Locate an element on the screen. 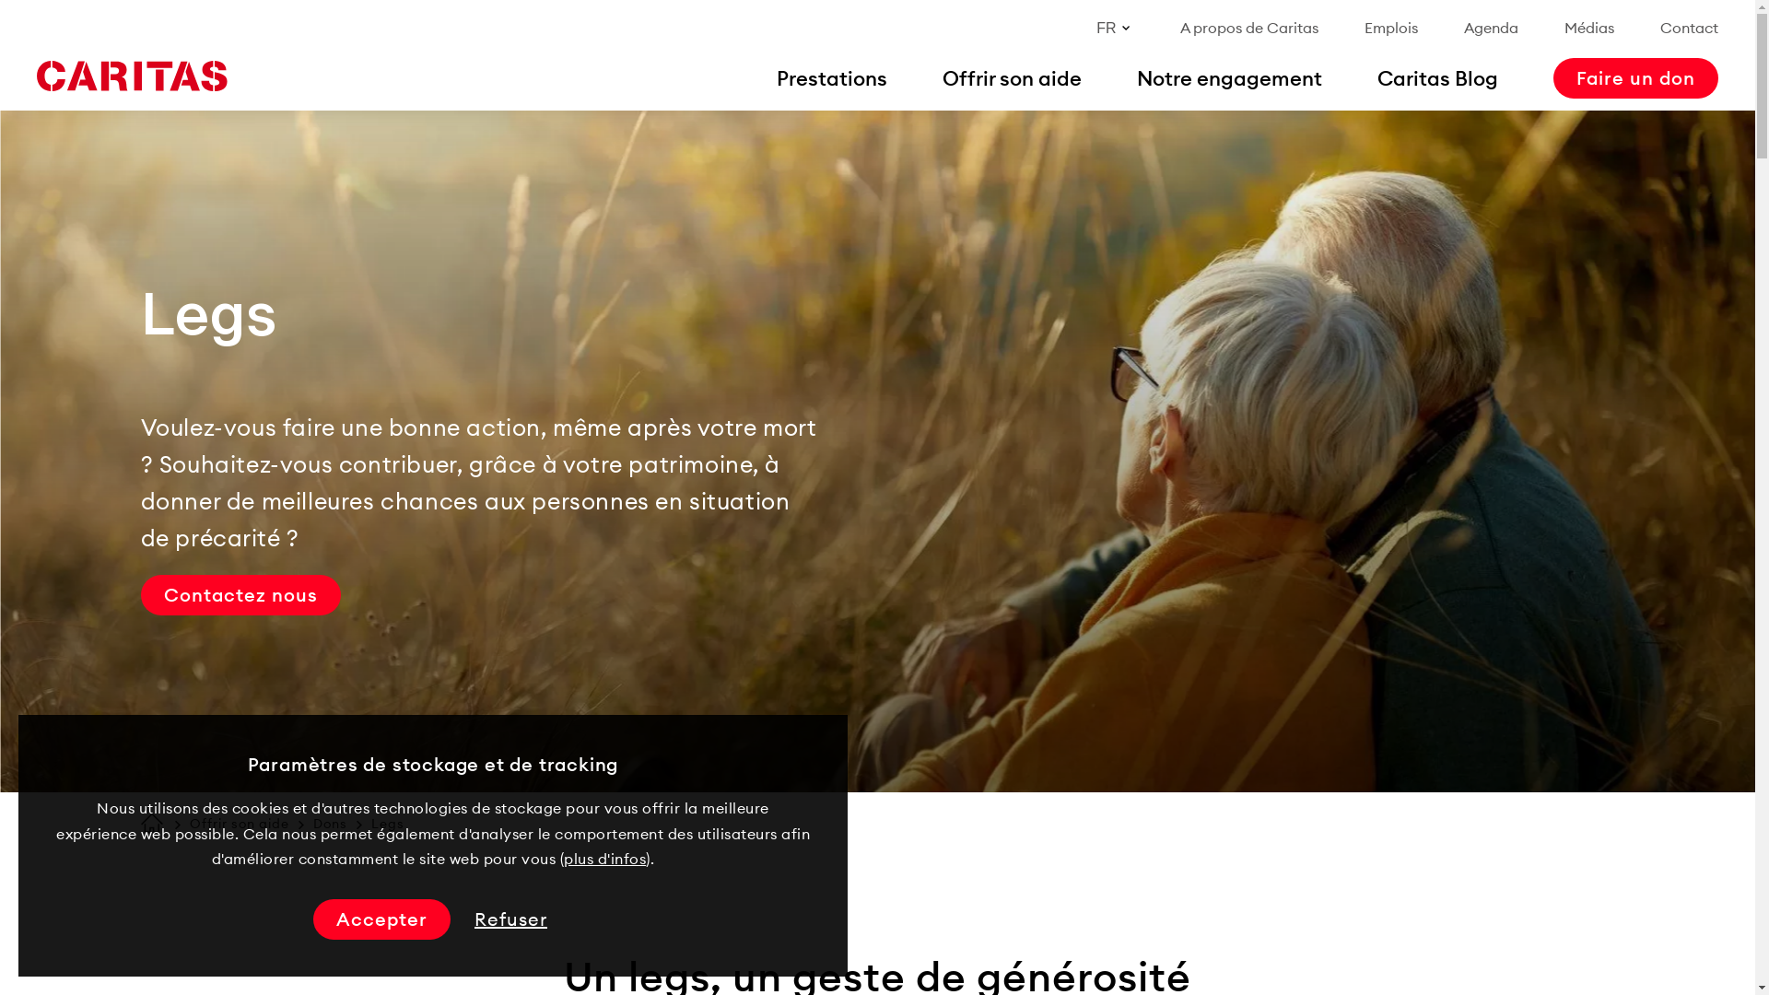 The width and height of the screenshot is (1769, 995). 'Refuser' is located at coordinates (468, 919).